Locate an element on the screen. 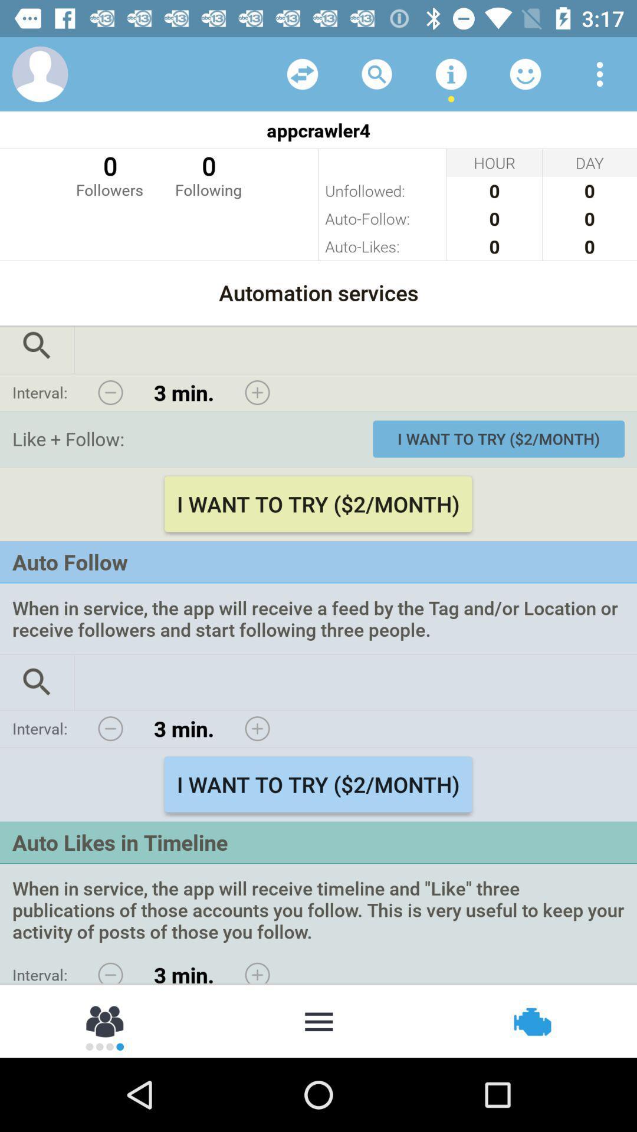 The width and height of the screenshot is (637, 1132). gives more options for actions is located at coordinates (318, 1020).